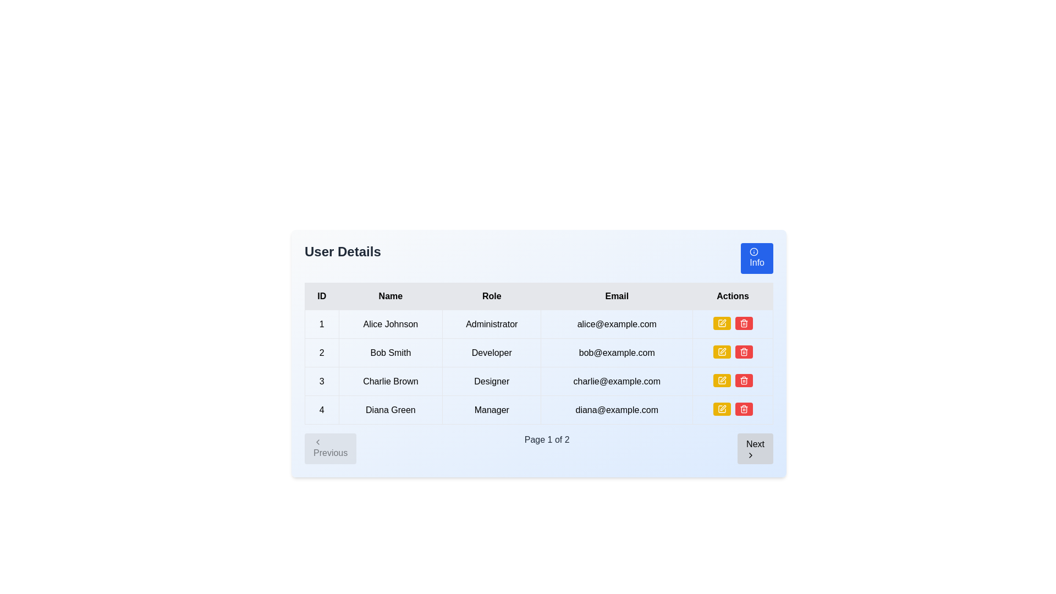 The width and height of the screenshot is (1056, 594). I want to click on the delete icon button located in the 'Actions' column of the row for 'Diana Green', so click(744, 409).